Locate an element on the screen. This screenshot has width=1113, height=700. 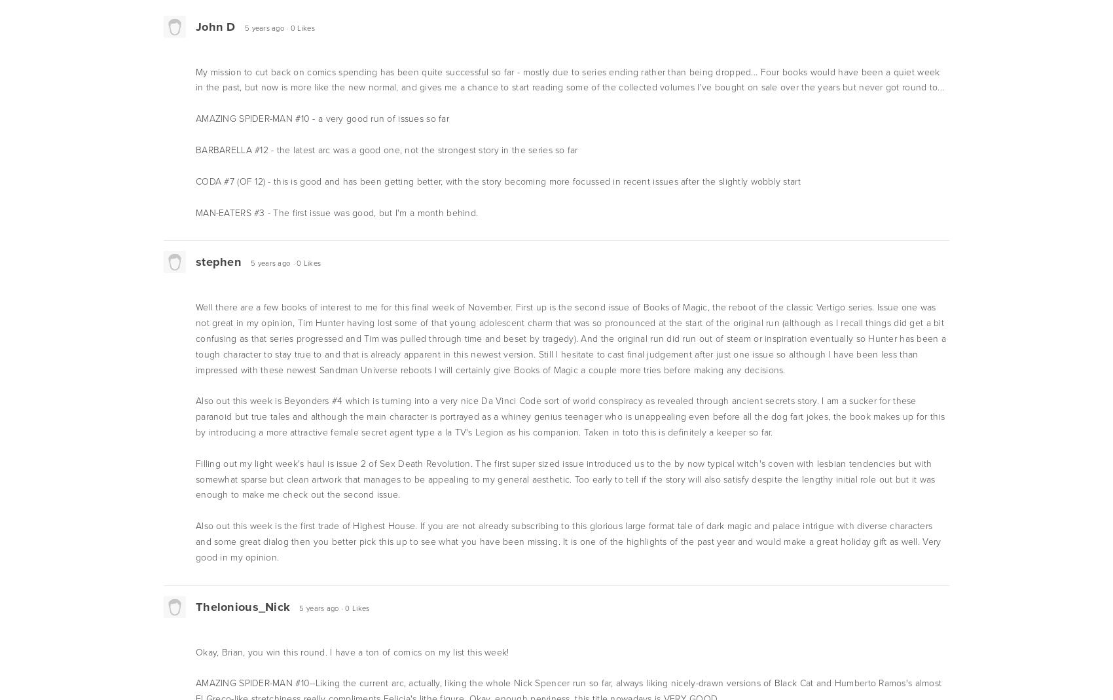
'AMAZING SPIDER-MAN #10 - a very good run of issues so far' is located at coordinates (321, 119).